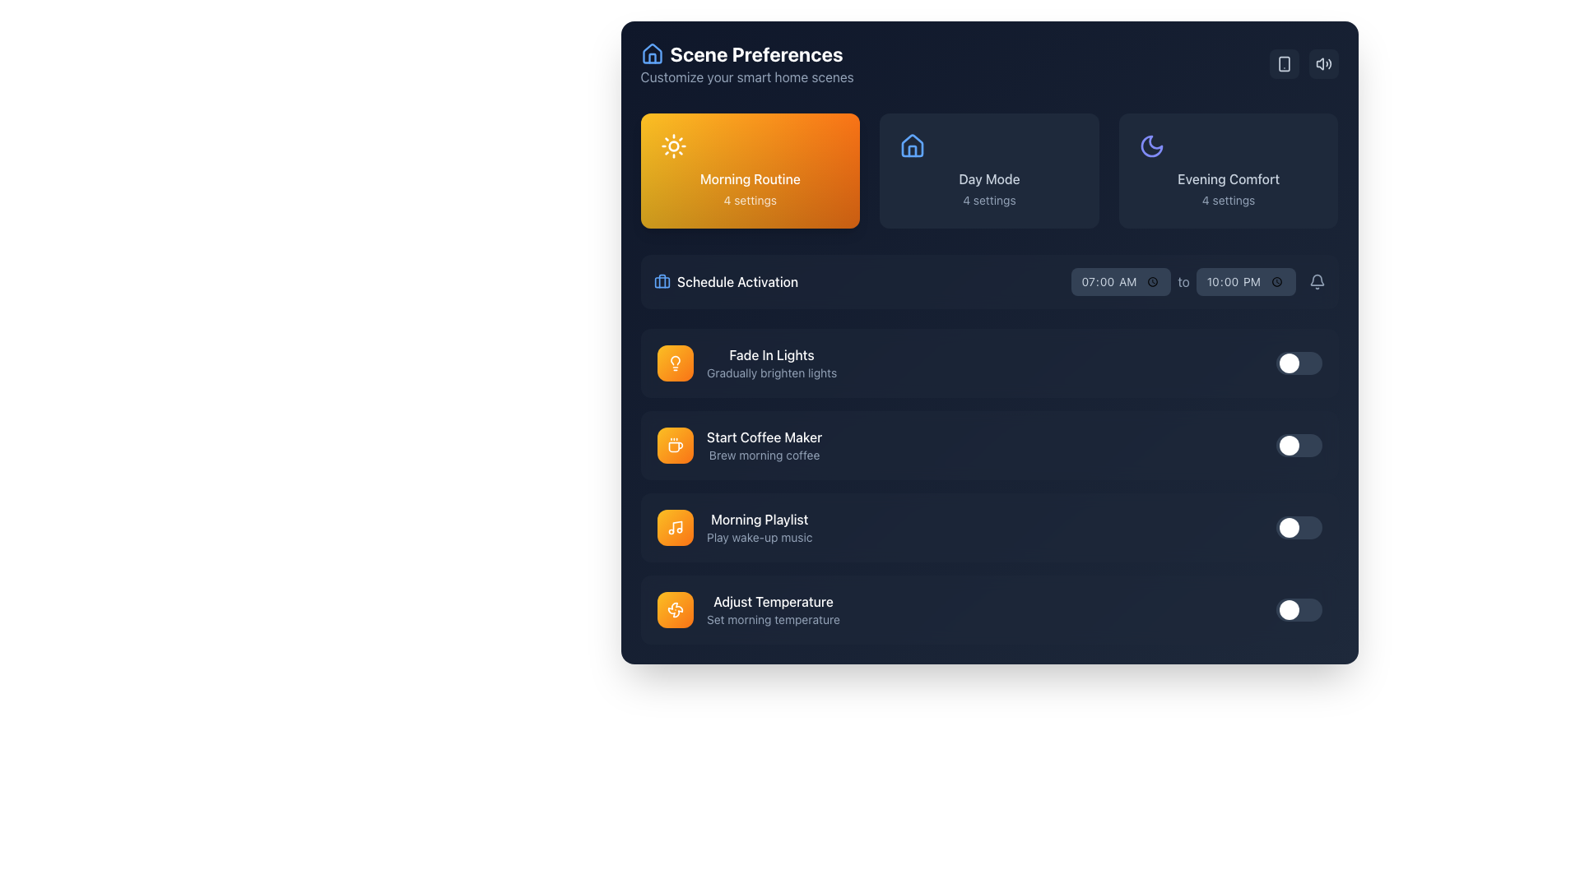 Image resolution: width=1580 pixels, height=888 pixels. I want to click on the button styled with a rounded rectangular shape and a dark slate-gray background, located in the top-right corner of the interface, so click(1323, 62).